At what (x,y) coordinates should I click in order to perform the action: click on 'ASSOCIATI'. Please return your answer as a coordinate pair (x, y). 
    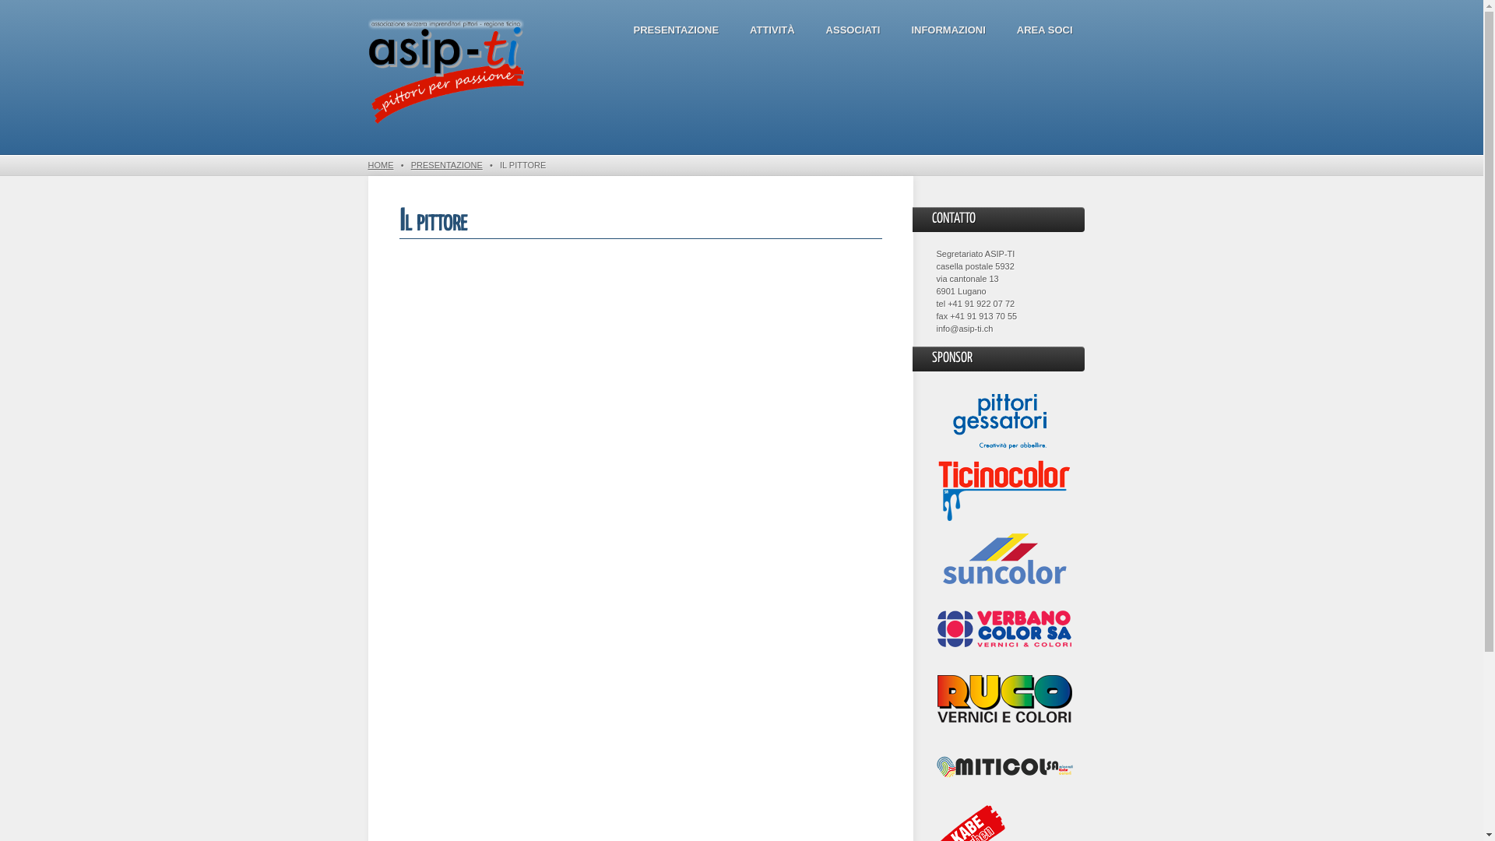
    Looking at the image, I should click on (852, 30).